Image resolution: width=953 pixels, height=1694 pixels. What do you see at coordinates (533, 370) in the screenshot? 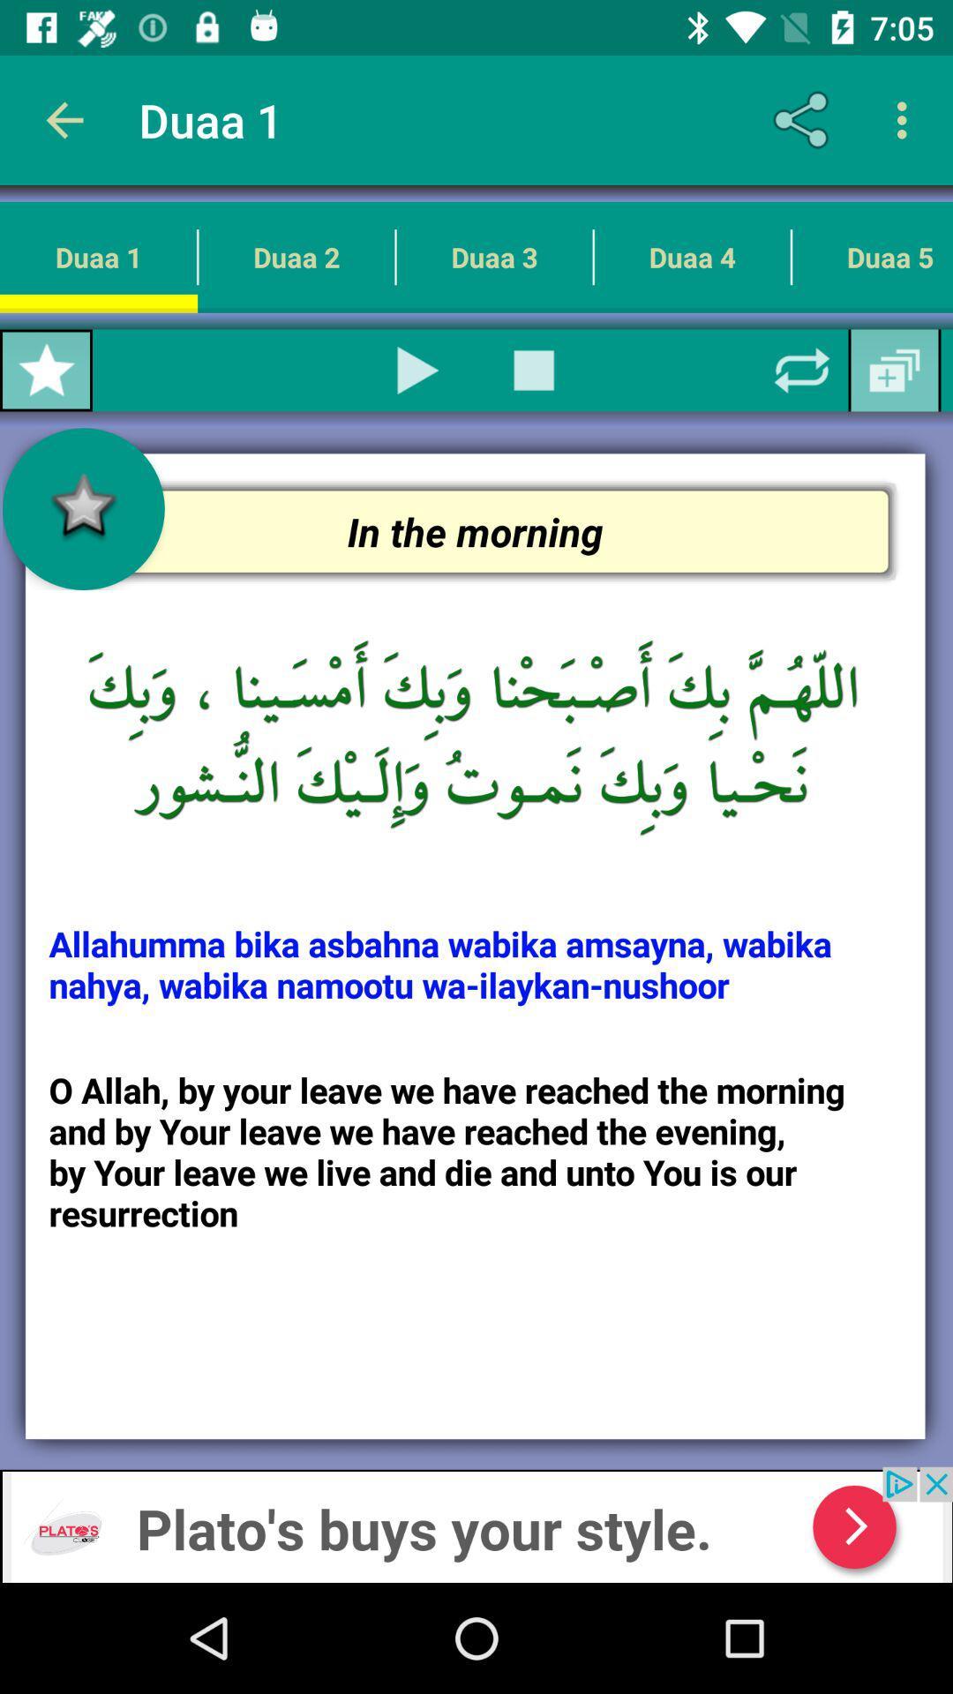
I see `stop playing the track` at bounding box center [533, 370].